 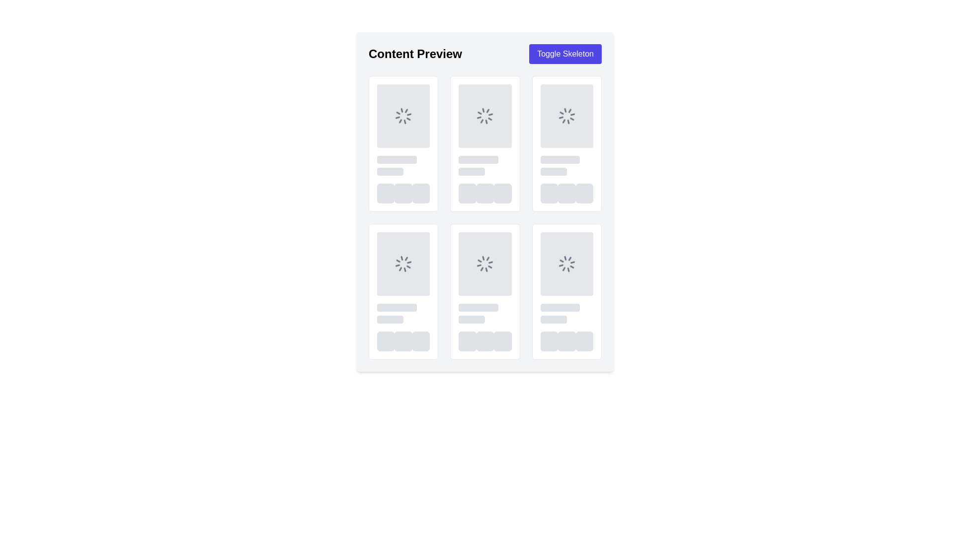 I want to click on the middle visual placeholder or loading indicator located in the bottom row of the grid layout, near the bottom-right corner, so click(x=403, y=340).